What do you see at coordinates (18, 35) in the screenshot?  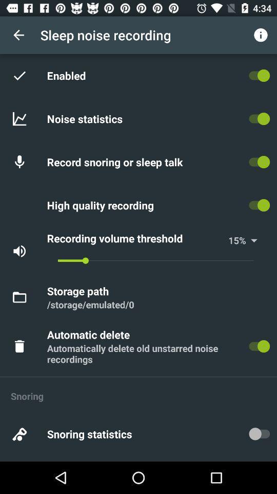 I see `app to the left of the sleep noise recording icon` at bounding box center [18, 35].